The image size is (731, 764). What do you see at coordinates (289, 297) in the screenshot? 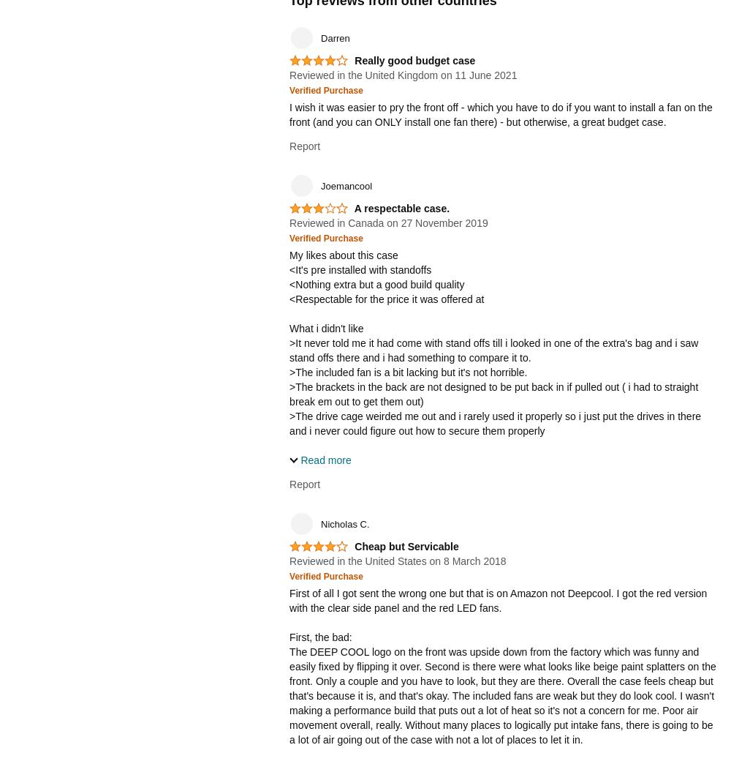
I see `'<Respectable for the price it was offered at'` at bounding box center [289, 297].